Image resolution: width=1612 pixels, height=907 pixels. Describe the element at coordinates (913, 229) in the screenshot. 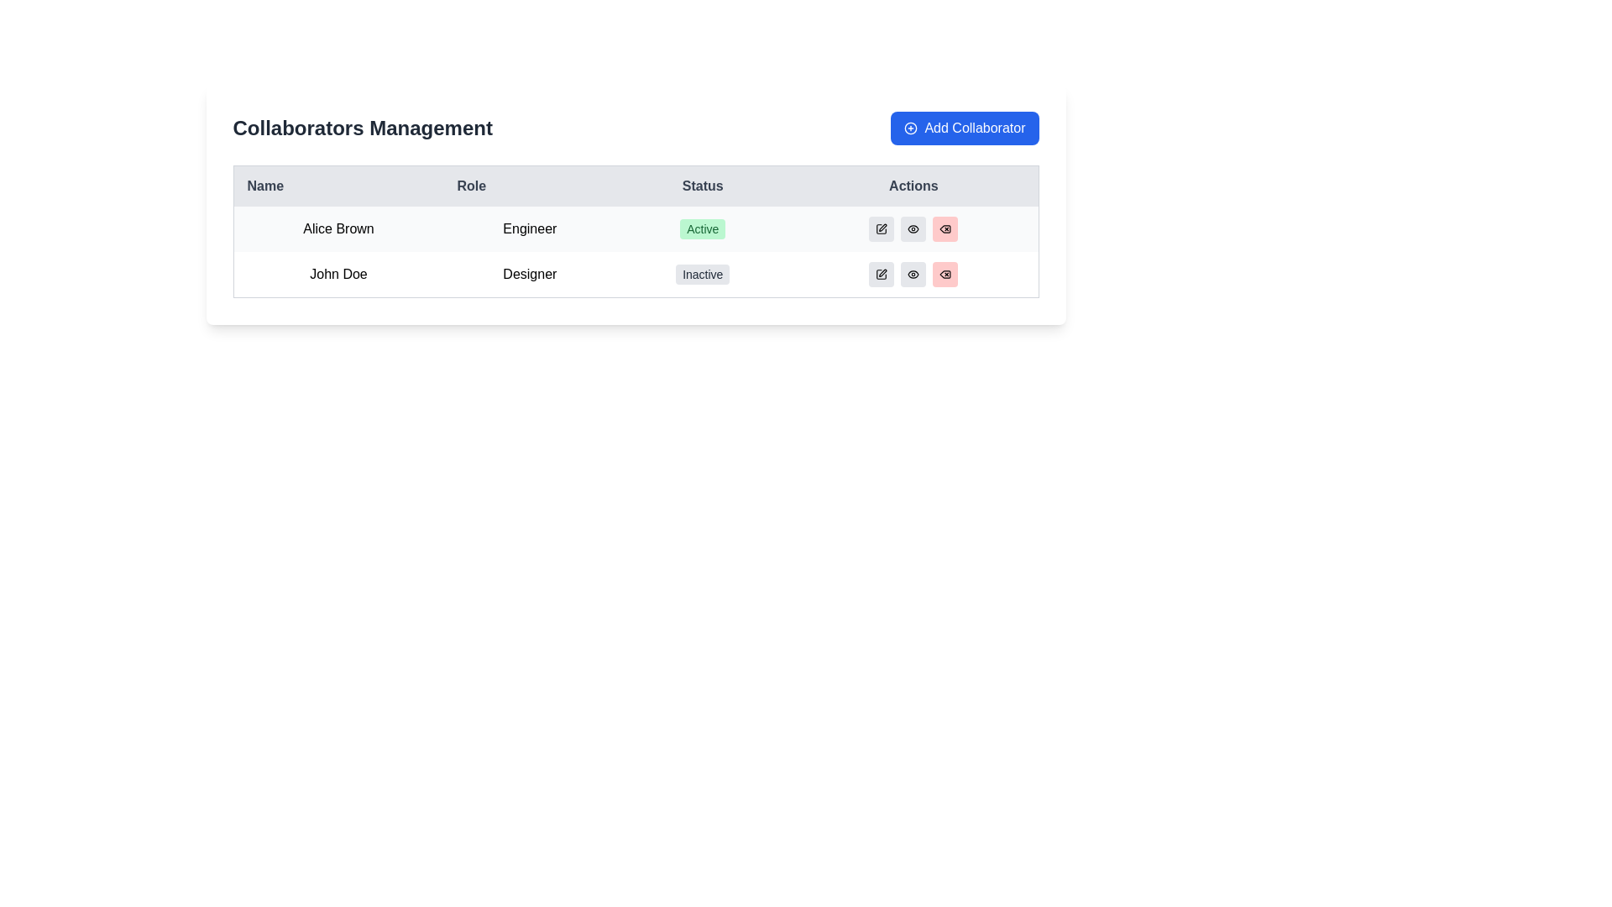

I see `the group of interactive buttons in the 'Actions' column of the user record` at that location.